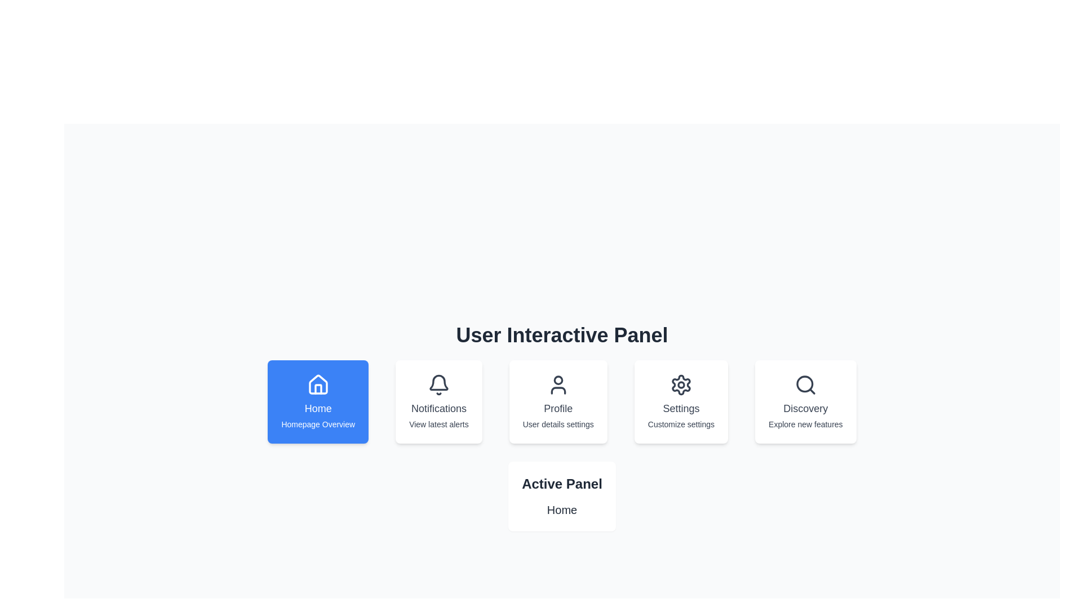  I want to click on the house icon on the 'Home' card, which is styled with a simple outline against a blue background and located at the top-center of the card labeled 'Homepage Overview.', so click(317, 384).